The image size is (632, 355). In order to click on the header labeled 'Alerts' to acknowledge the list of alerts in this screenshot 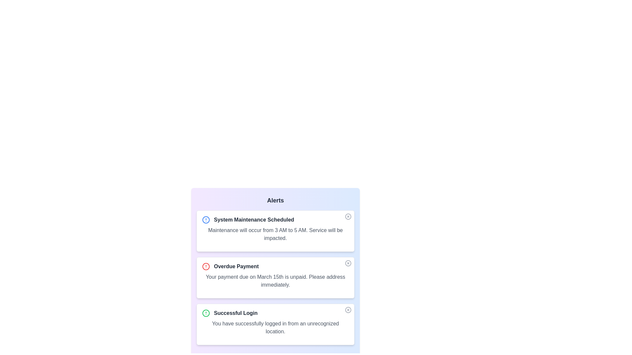, I will do `click(275, 200)`.